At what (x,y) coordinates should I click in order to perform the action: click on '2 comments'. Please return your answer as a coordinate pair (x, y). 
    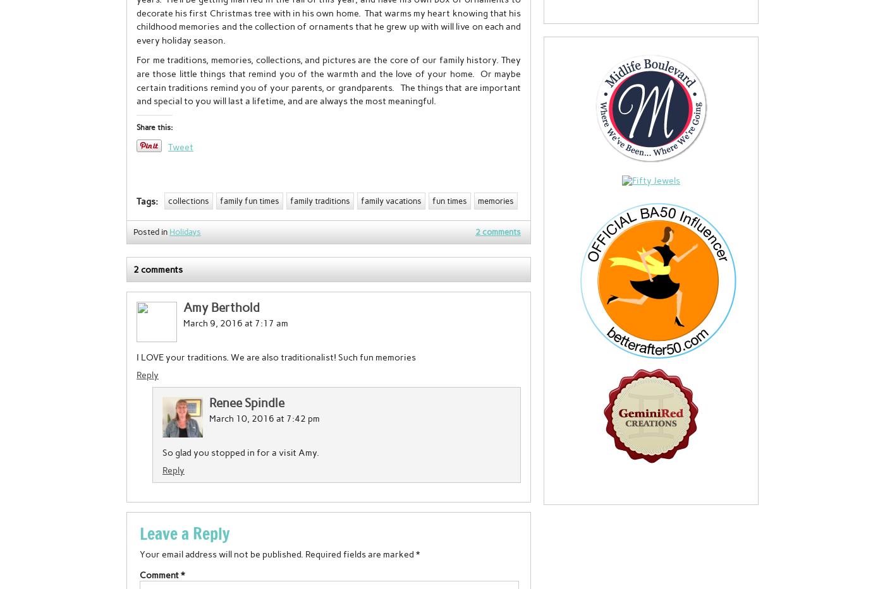
    Looking at the image, I should click on (158, 269).